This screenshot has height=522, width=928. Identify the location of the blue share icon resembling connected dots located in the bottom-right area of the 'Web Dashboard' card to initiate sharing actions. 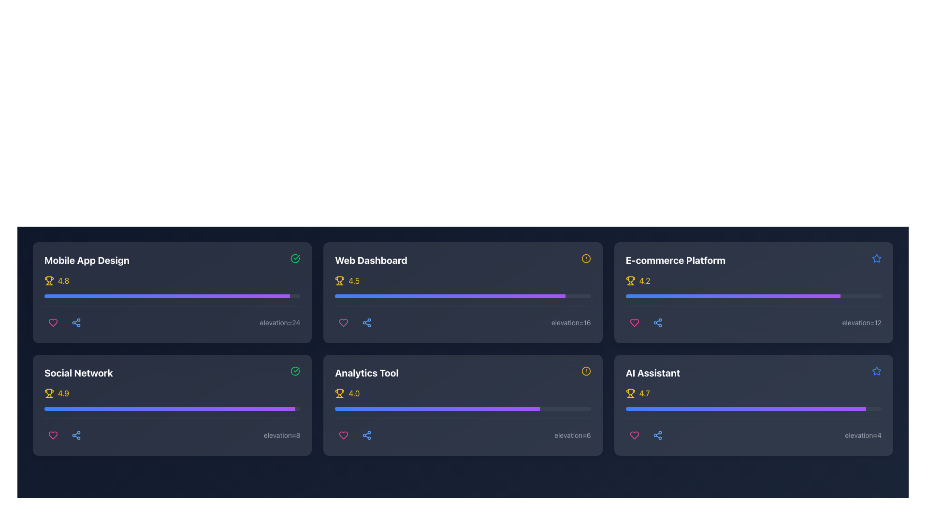
(366, 322).